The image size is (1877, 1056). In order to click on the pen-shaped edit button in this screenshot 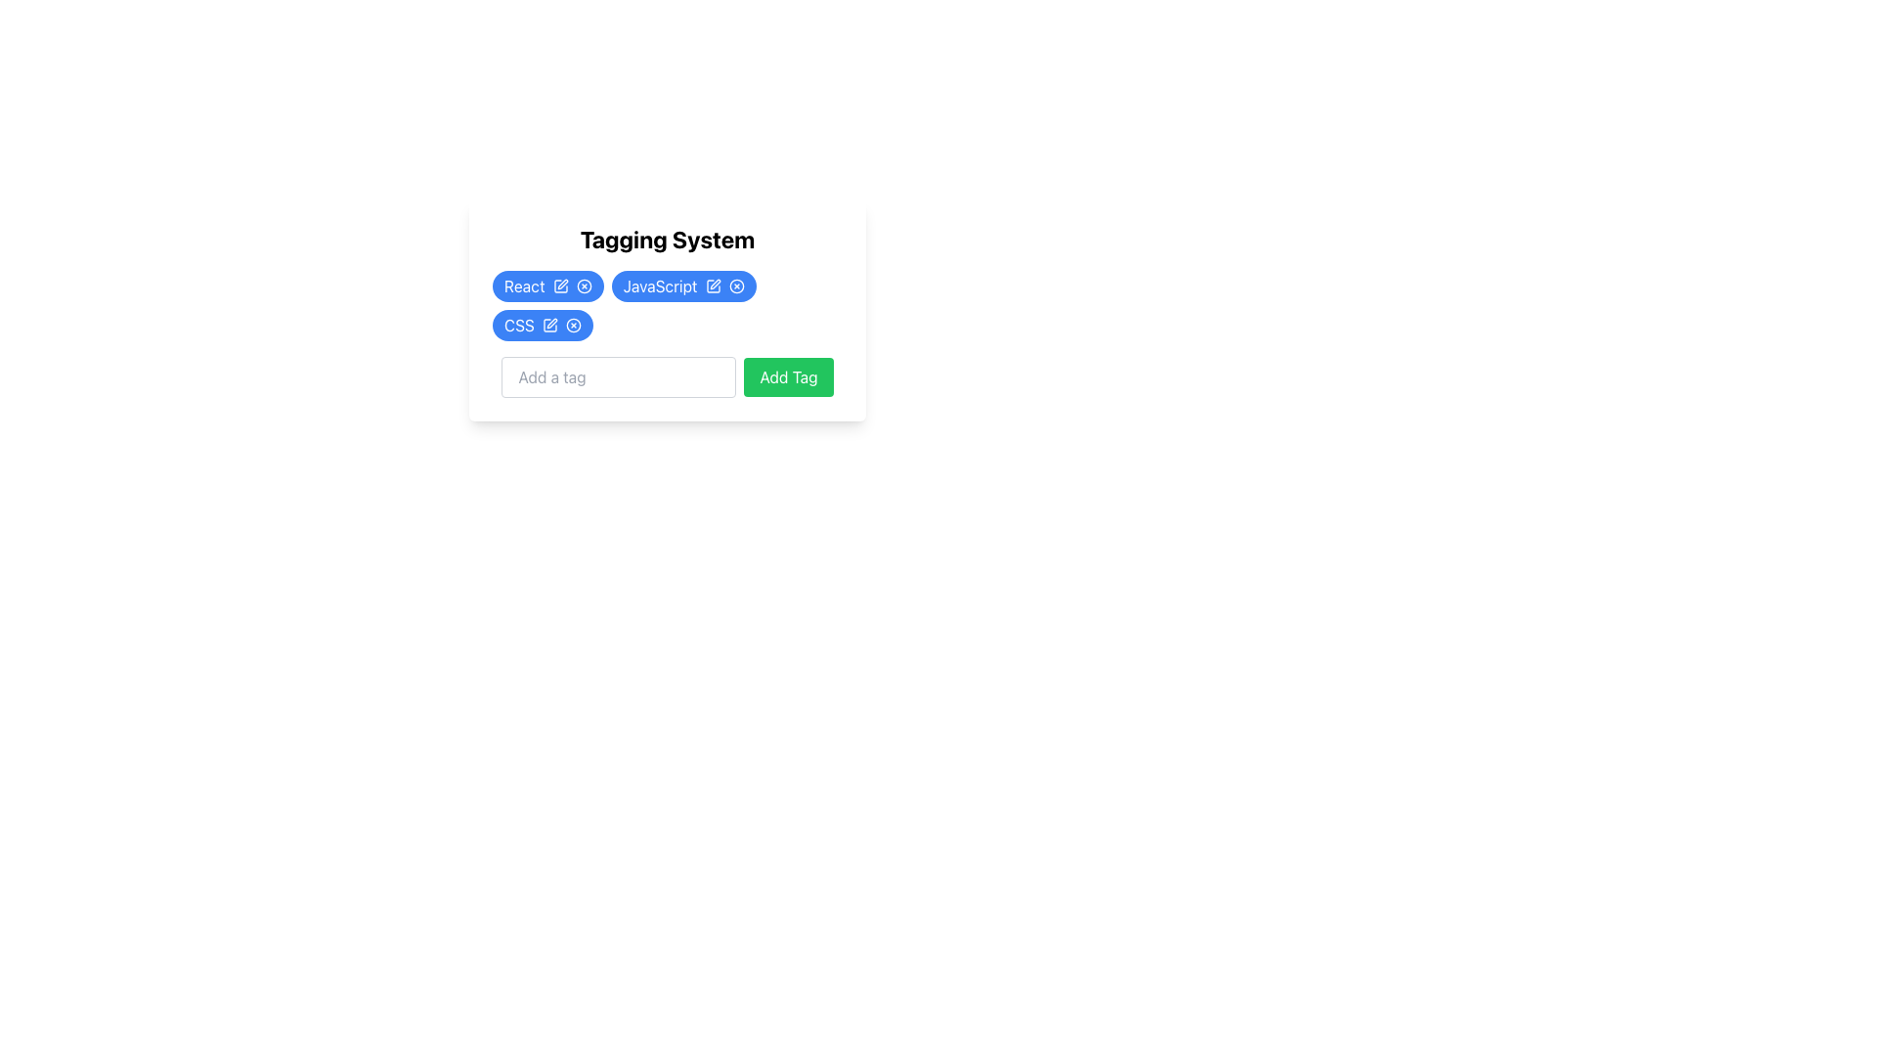, I will do `click(548, 324)`.